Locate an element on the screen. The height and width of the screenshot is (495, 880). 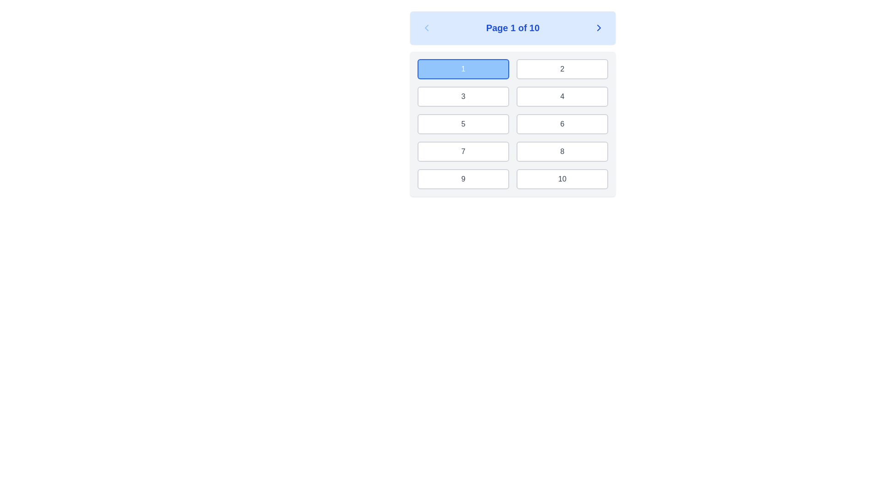
the fifth button is located at coordinates (463, 124).